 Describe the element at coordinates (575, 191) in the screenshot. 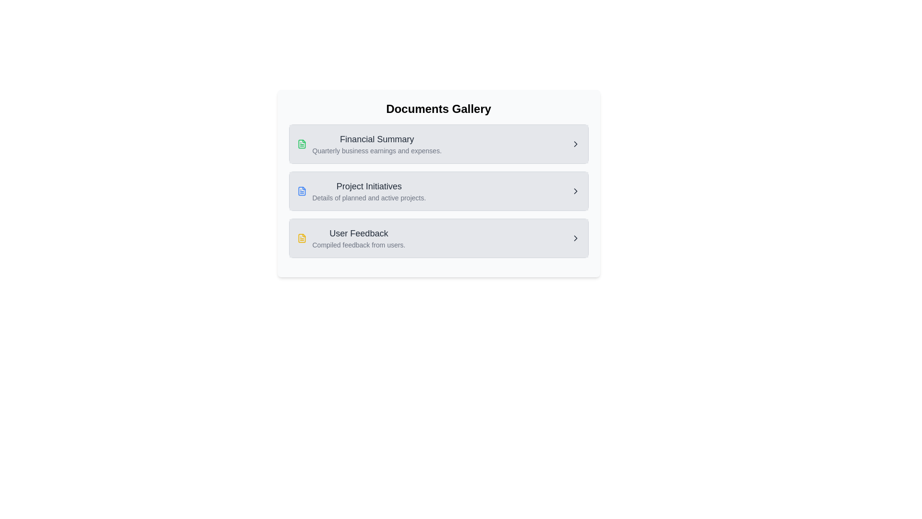

I see `the small right-pointing chevron icon located on the right side of the 'Project Initiatives' list entry` at that location.